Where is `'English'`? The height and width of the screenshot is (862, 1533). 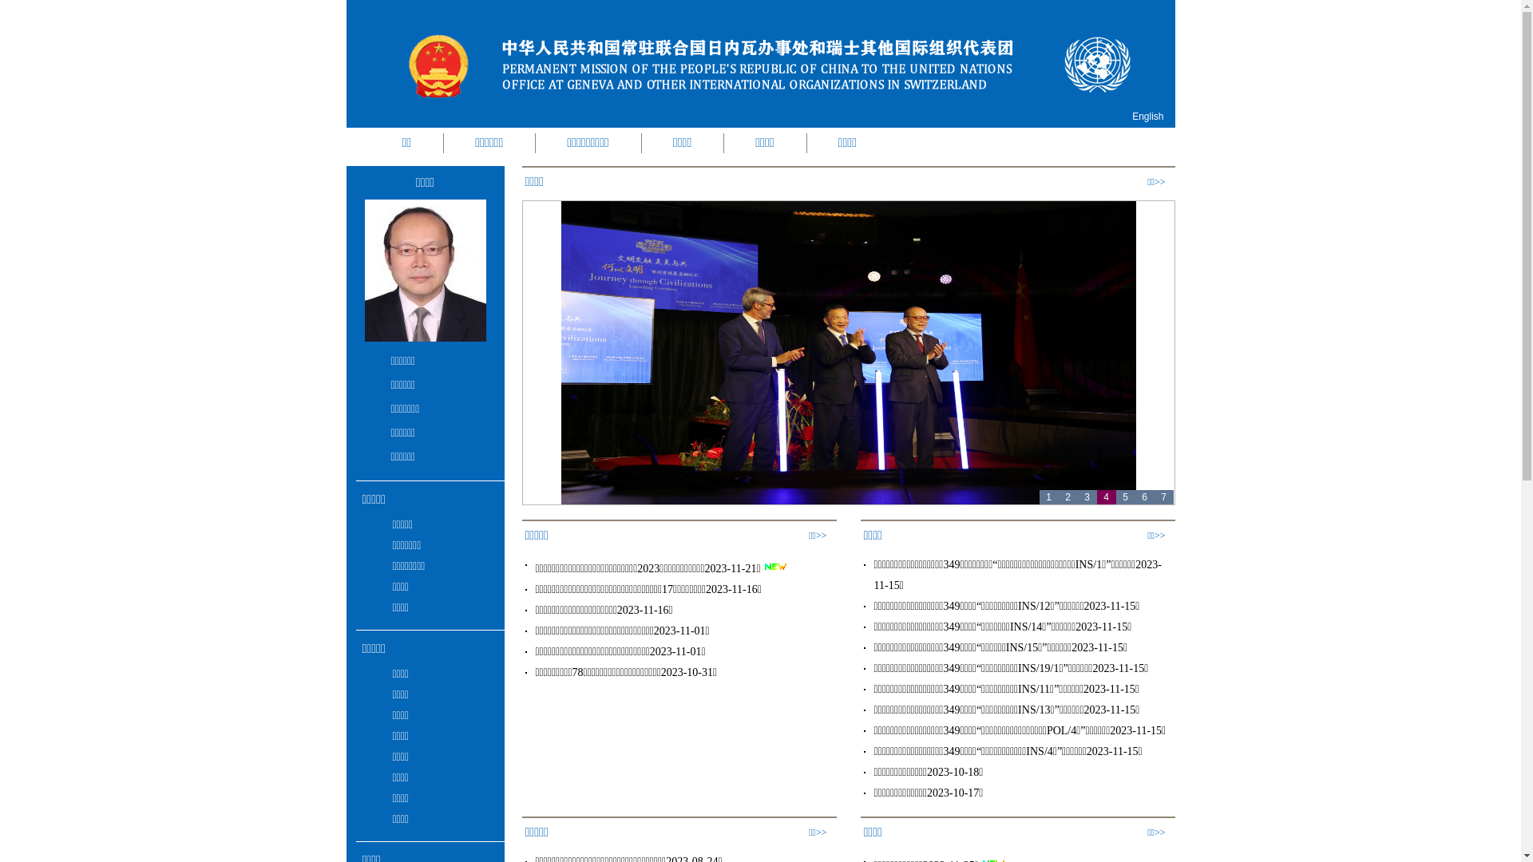
'English' is located at coordinates (1147, 116).